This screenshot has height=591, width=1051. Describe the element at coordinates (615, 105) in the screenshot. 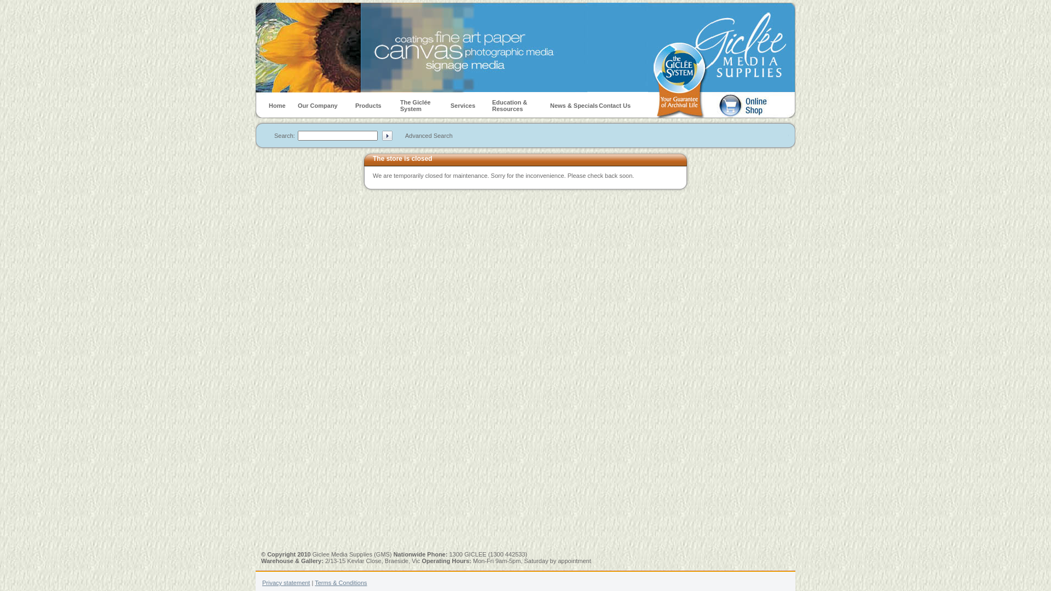

I see `'Contact Us'` at that location.